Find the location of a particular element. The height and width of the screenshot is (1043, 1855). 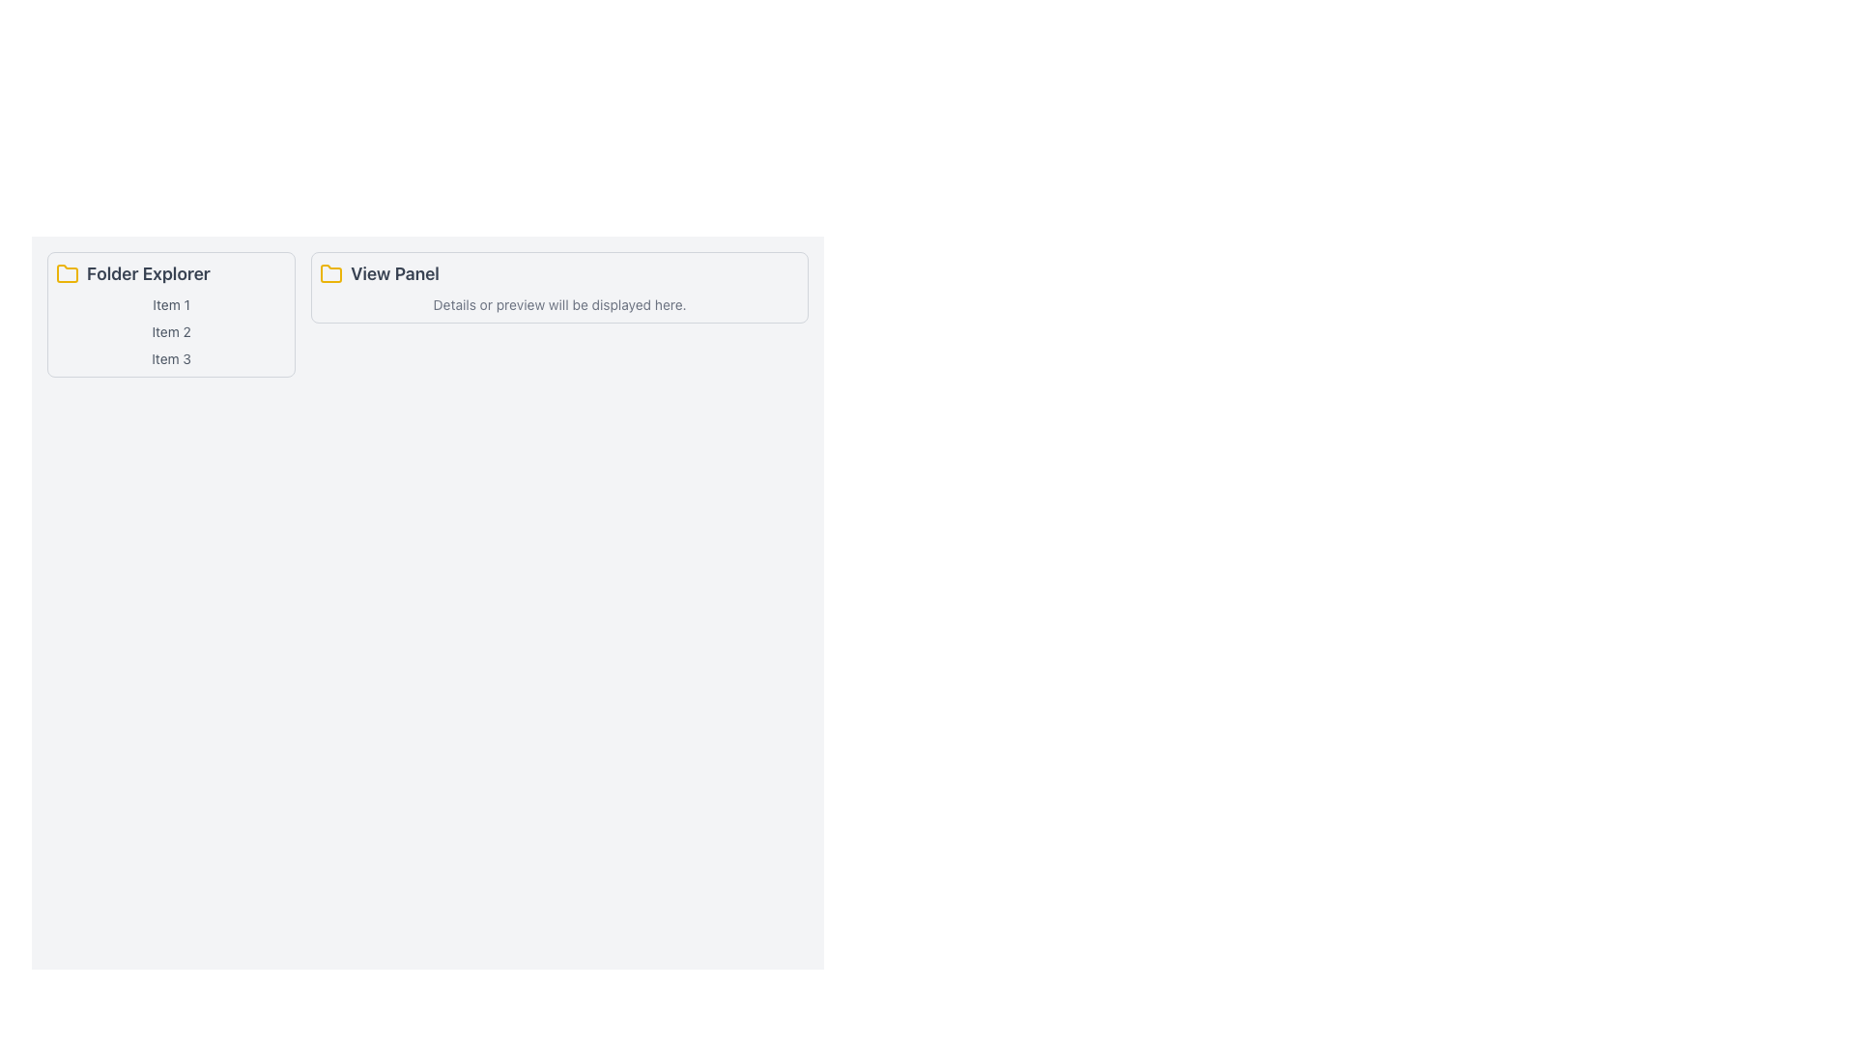

the first text label in the 'Folder Explorer' section is located at coordinates (171, 304).